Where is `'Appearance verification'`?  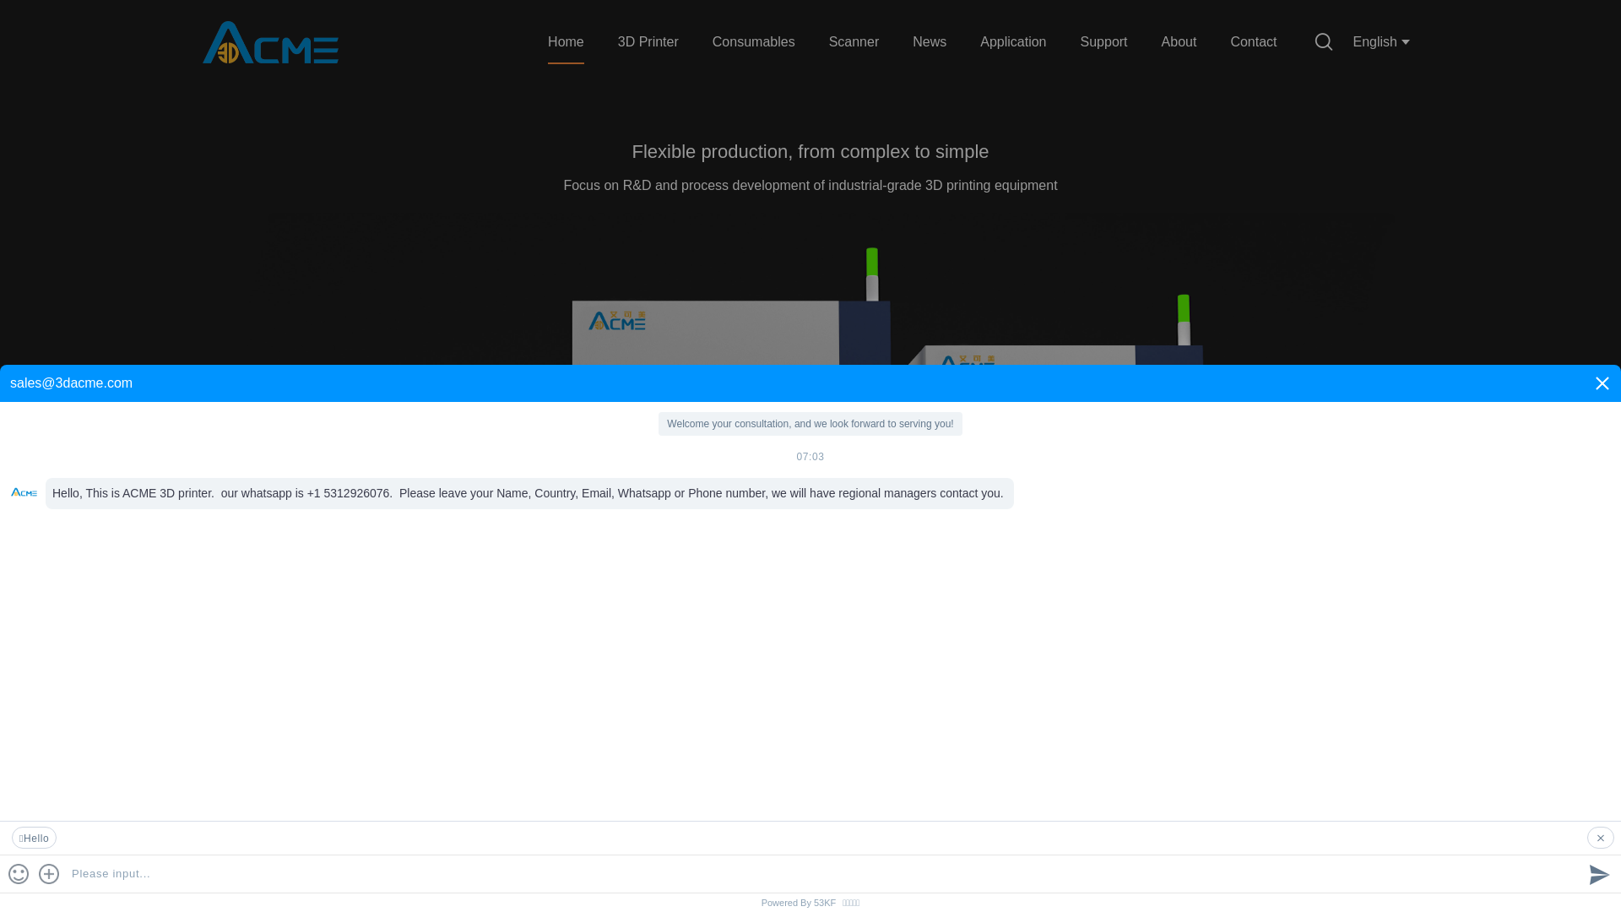 'Appearance verification' is located at coordinates (1266, 868).